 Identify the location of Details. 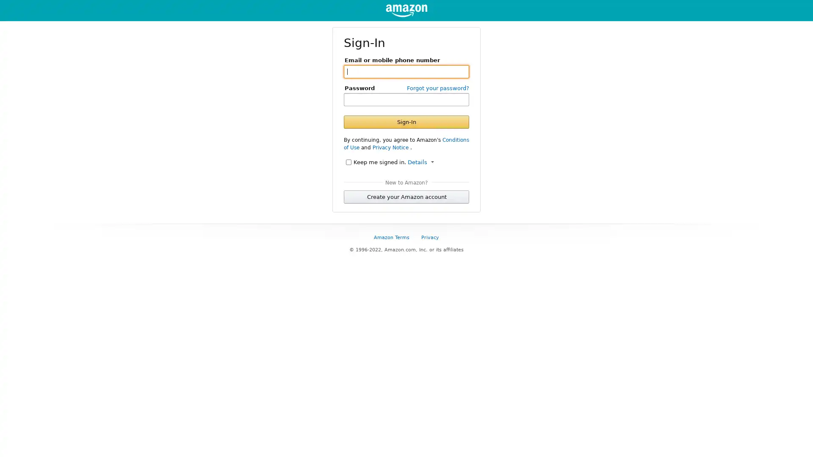
(420, 162).